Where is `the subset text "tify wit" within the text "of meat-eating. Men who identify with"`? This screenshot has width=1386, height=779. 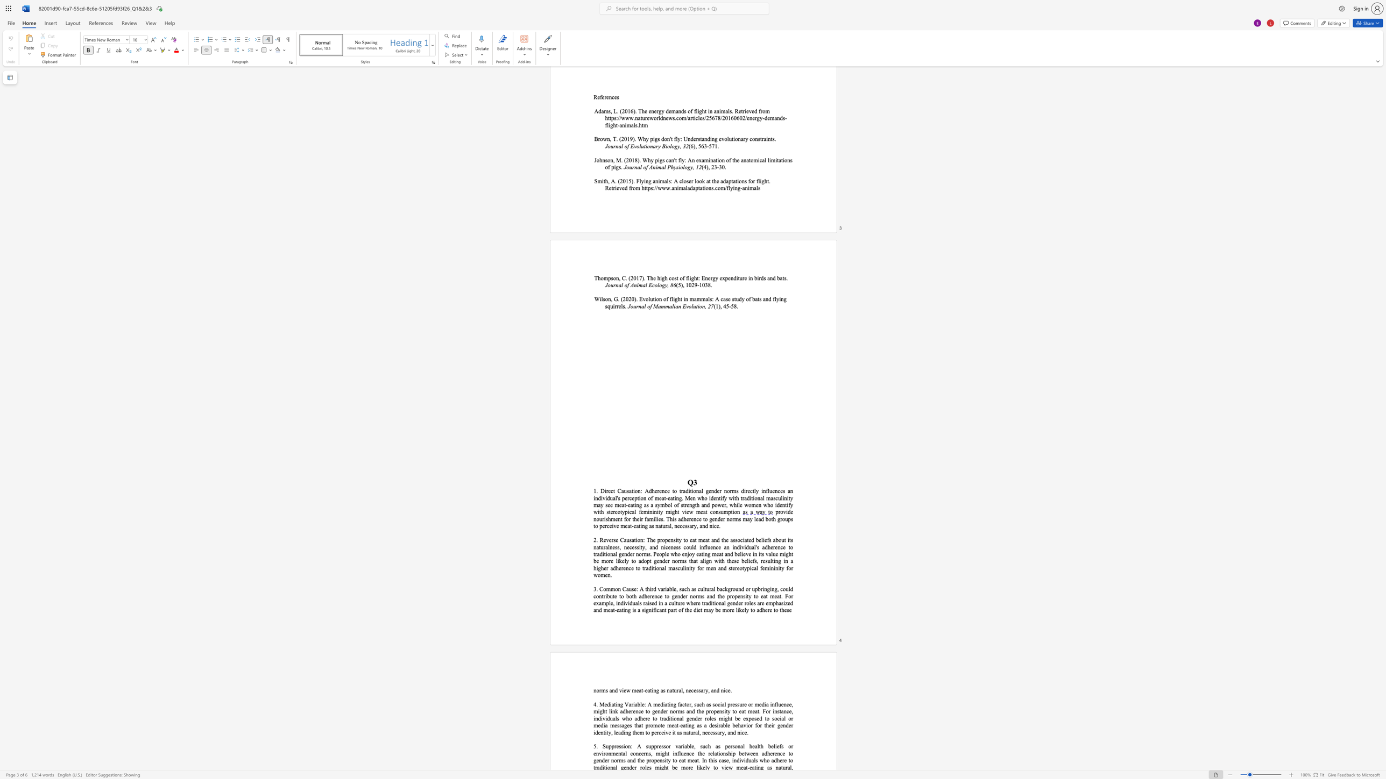 the subset text "tify wit" within the text "of meat-eating. Men who identify with" is located at coordinates (719, 498).